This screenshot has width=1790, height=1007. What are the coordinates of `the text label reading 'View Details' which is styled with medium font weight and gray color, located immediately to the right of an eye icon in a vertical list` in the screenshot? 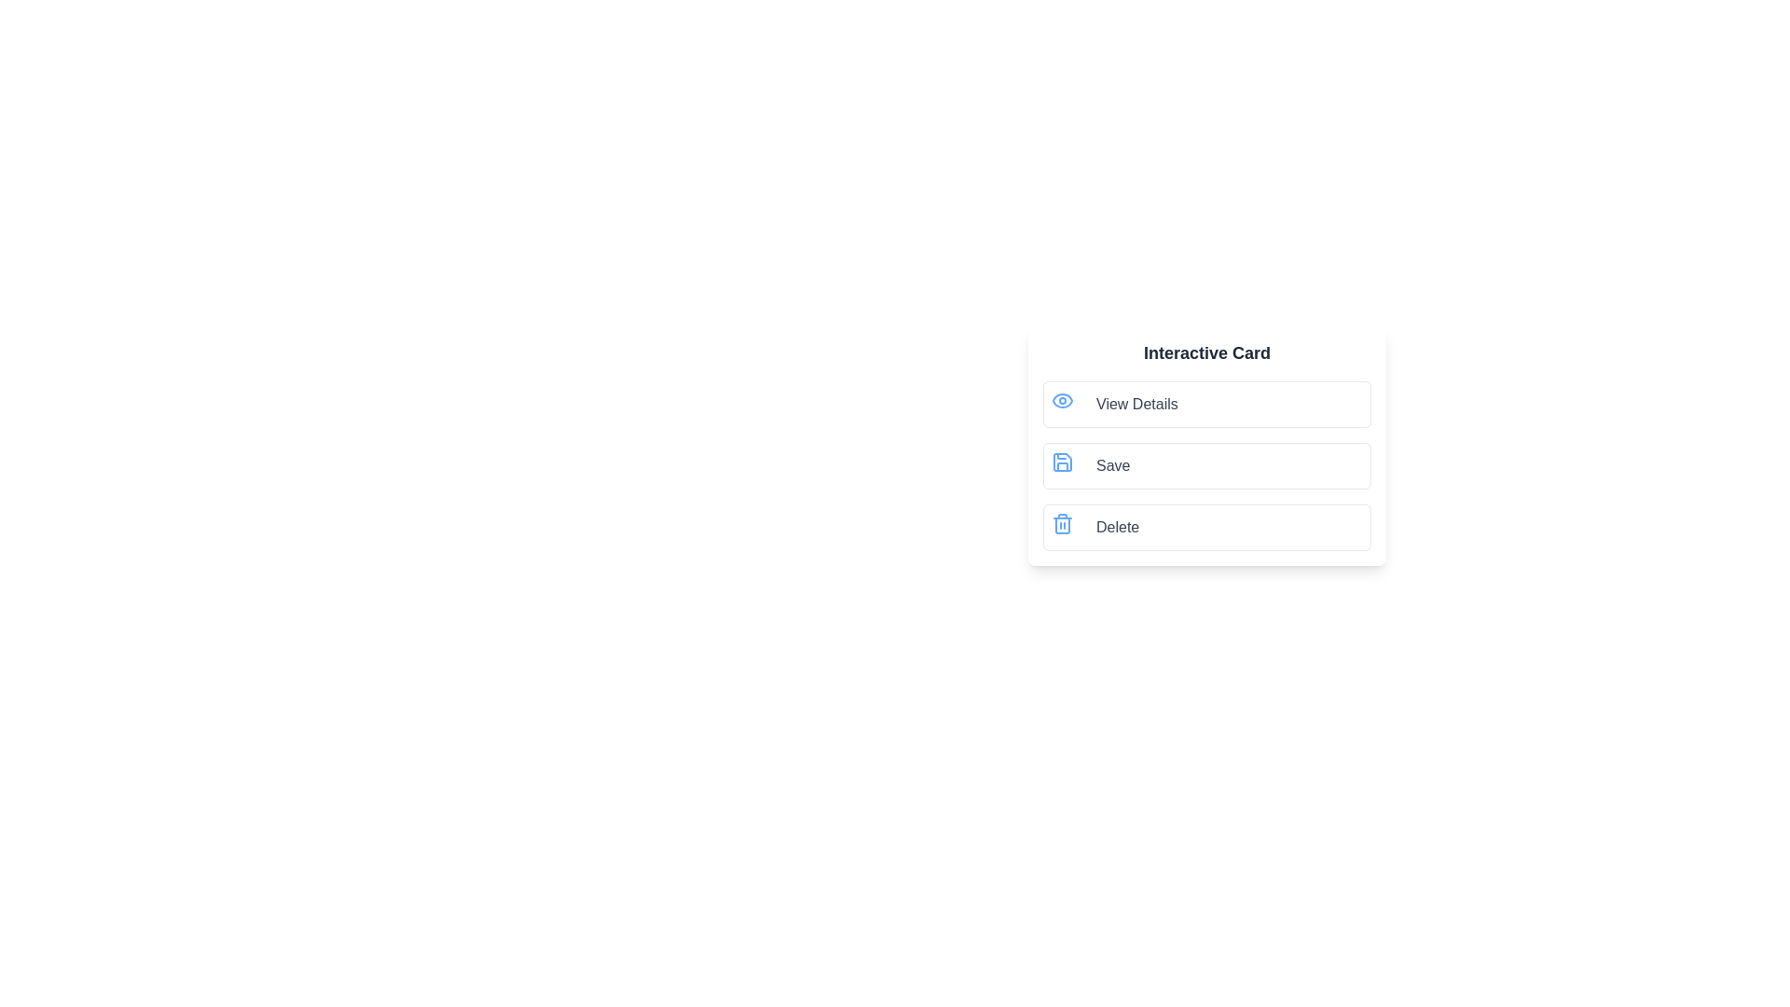 It's located at (1136, 404).